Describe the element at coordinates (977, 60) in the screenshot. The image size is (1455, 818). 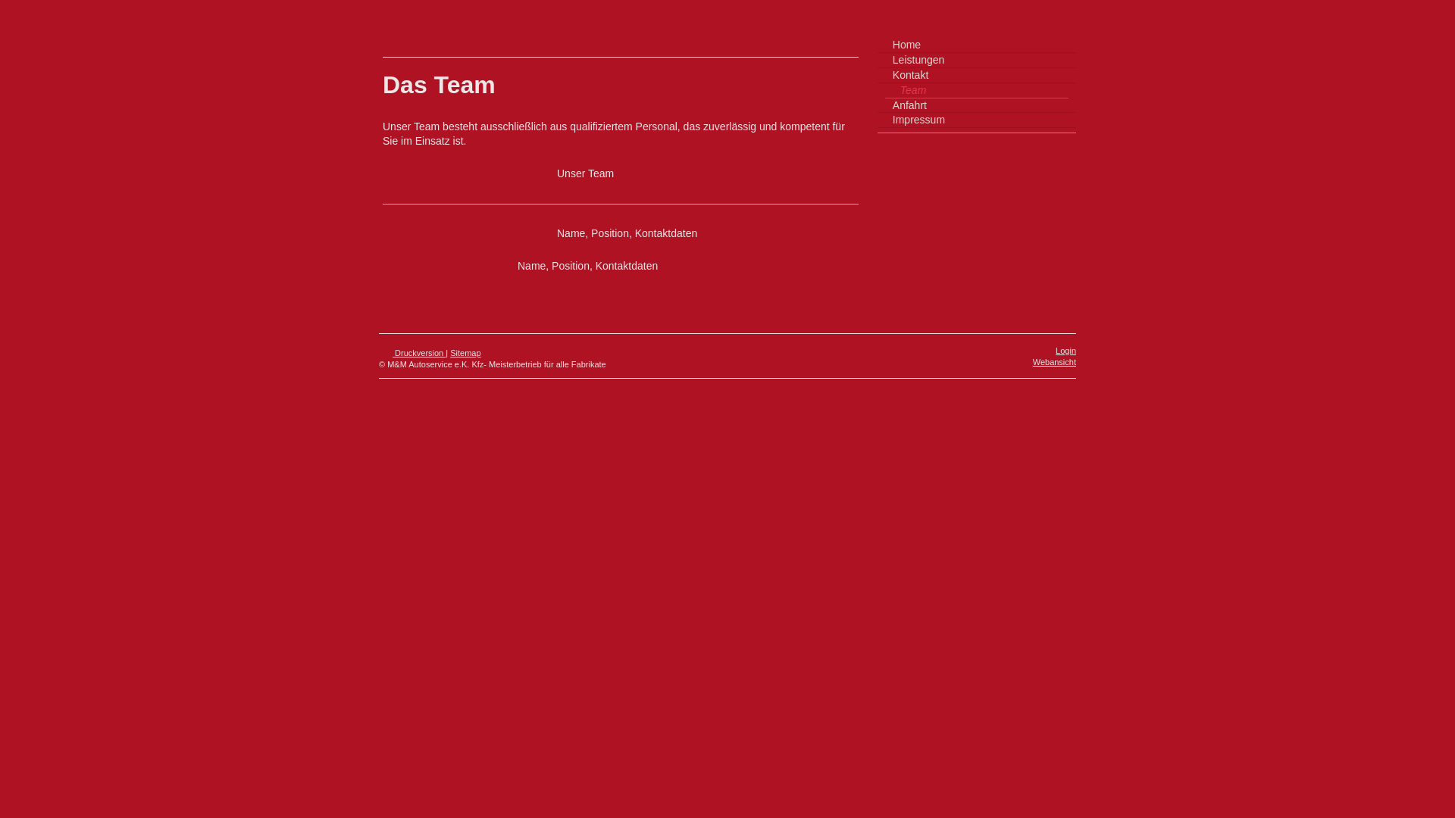
I see `'Leistungen'` at that location.